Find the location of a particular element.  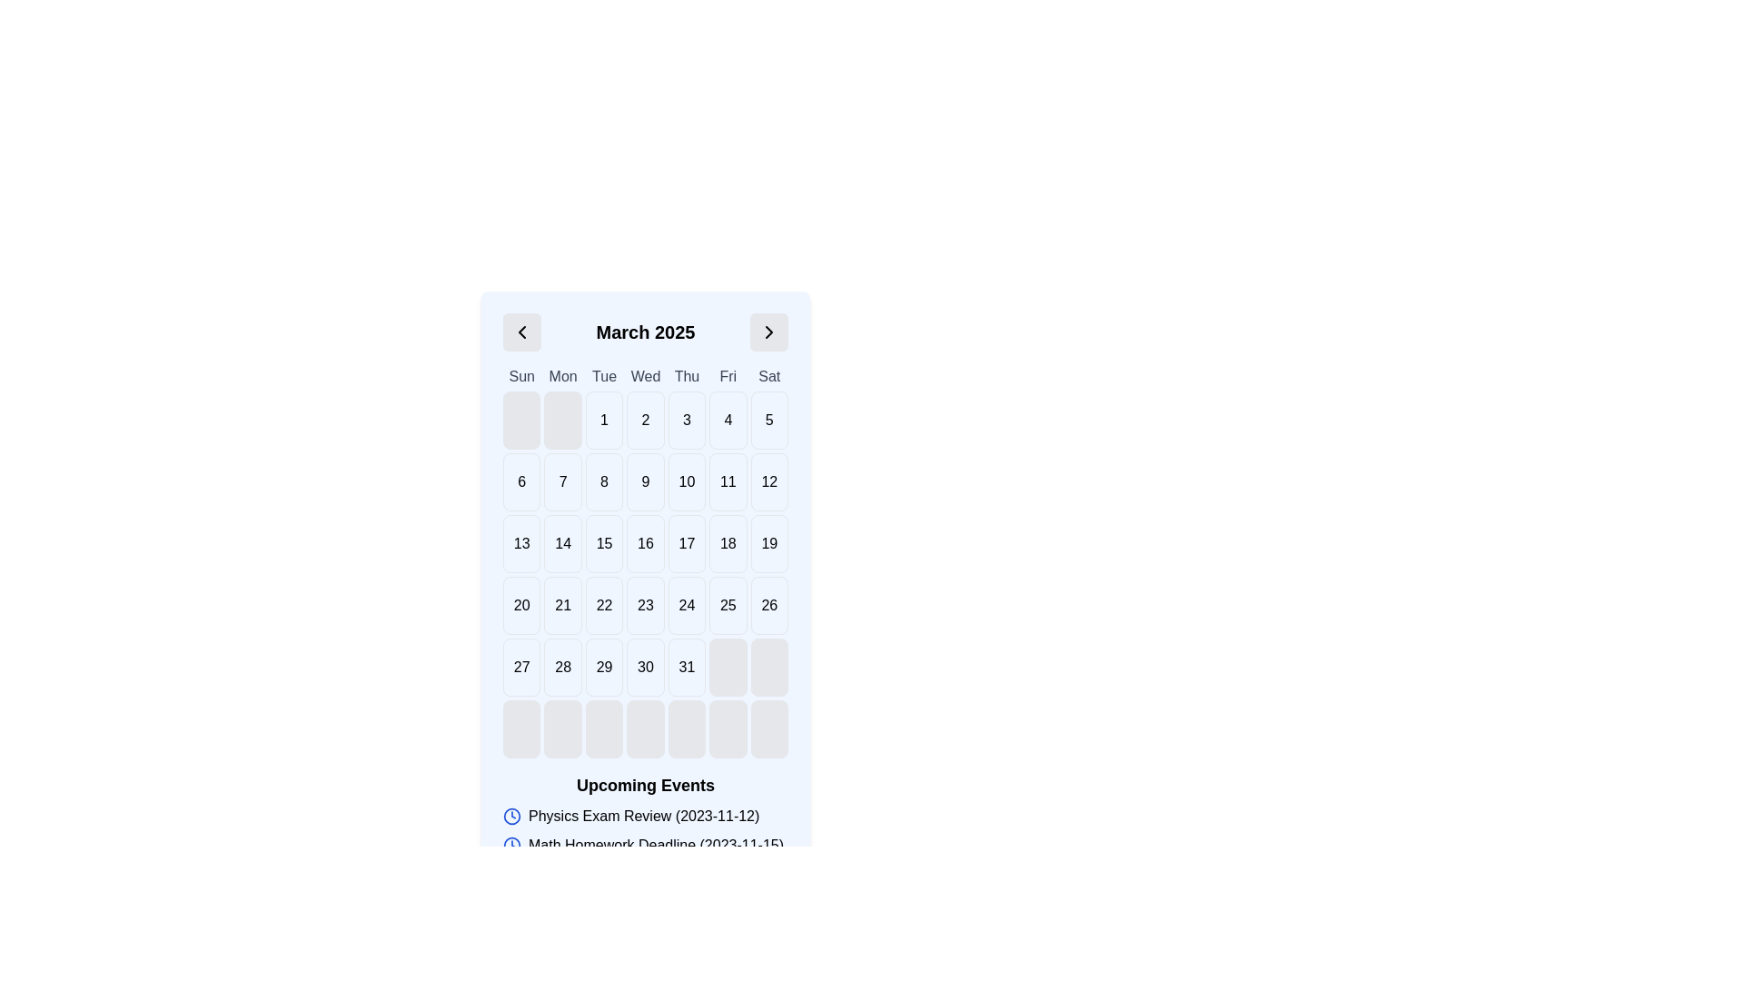

the selectable date button for the 15th day of March 2025 on the calendar interface is located at coordinates (604, 542).